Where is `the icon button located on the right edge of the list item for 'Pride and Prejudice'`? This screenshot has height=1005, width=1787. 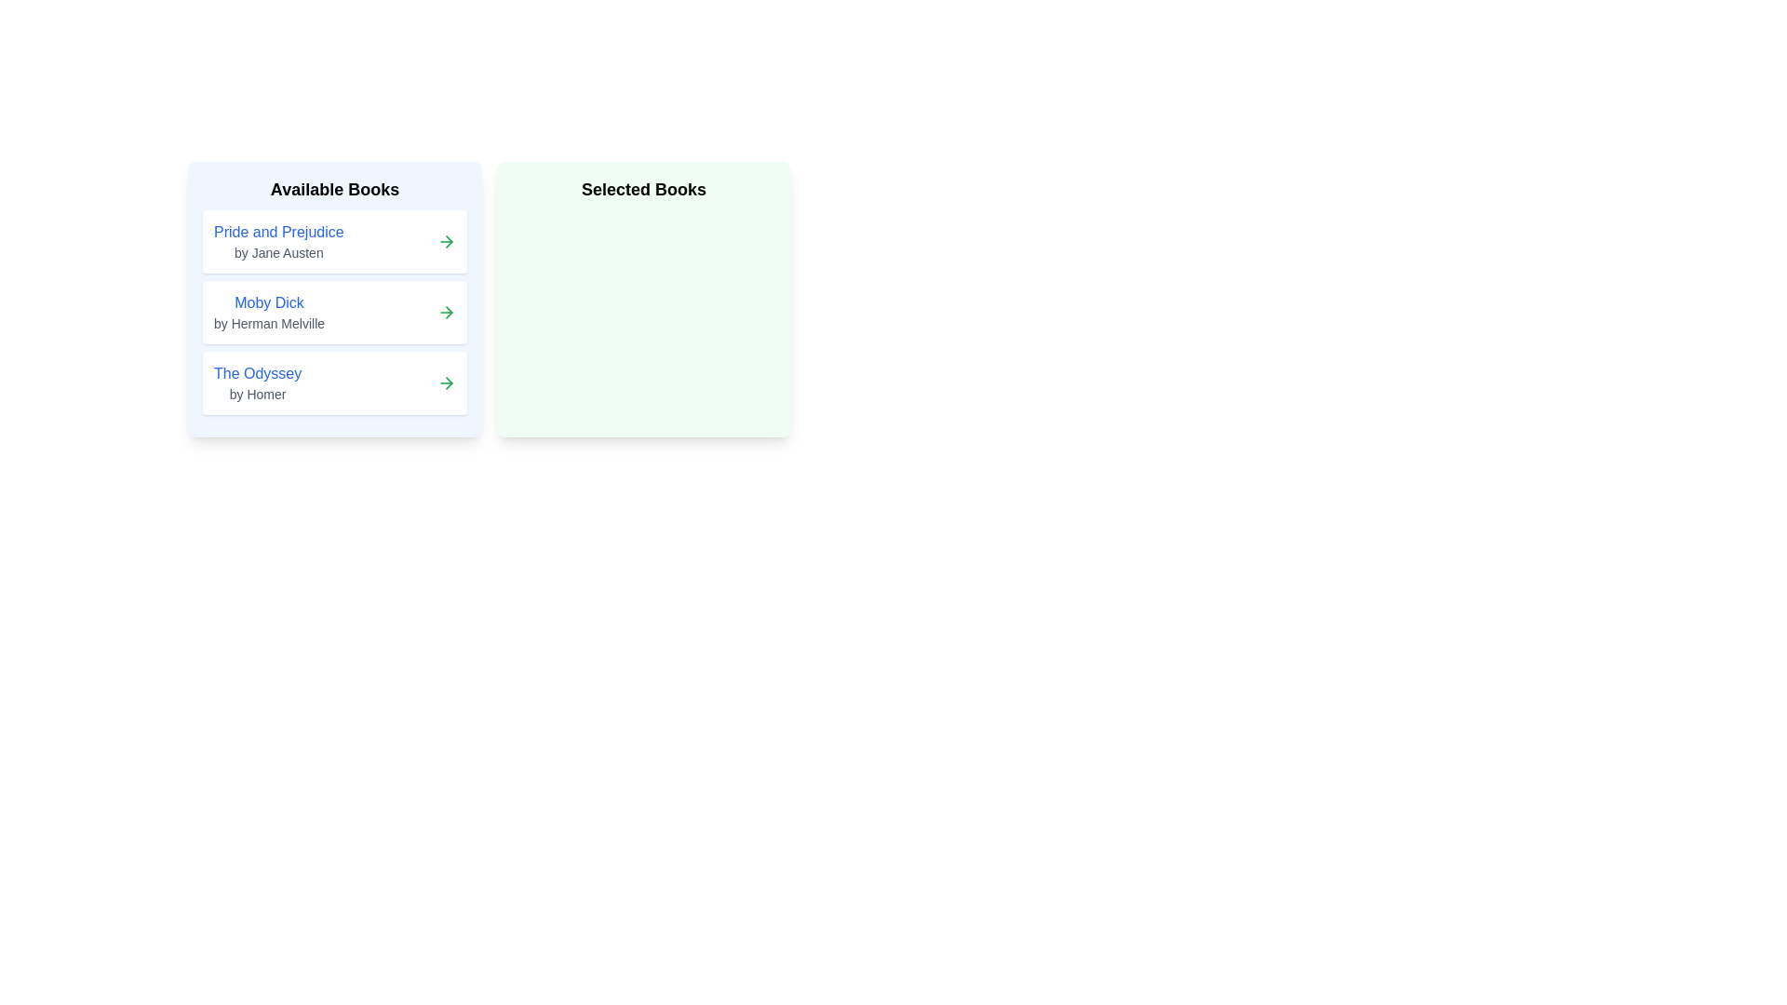
the icon button located on the right edge of the list item for 'Pride and Prejudice' is located at coordinates (447, 240).